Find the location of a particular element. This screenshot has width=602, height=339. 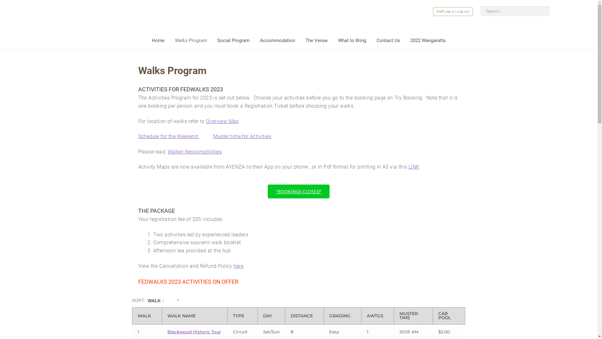

'AWTGS' is located at coordinates (377, 316).